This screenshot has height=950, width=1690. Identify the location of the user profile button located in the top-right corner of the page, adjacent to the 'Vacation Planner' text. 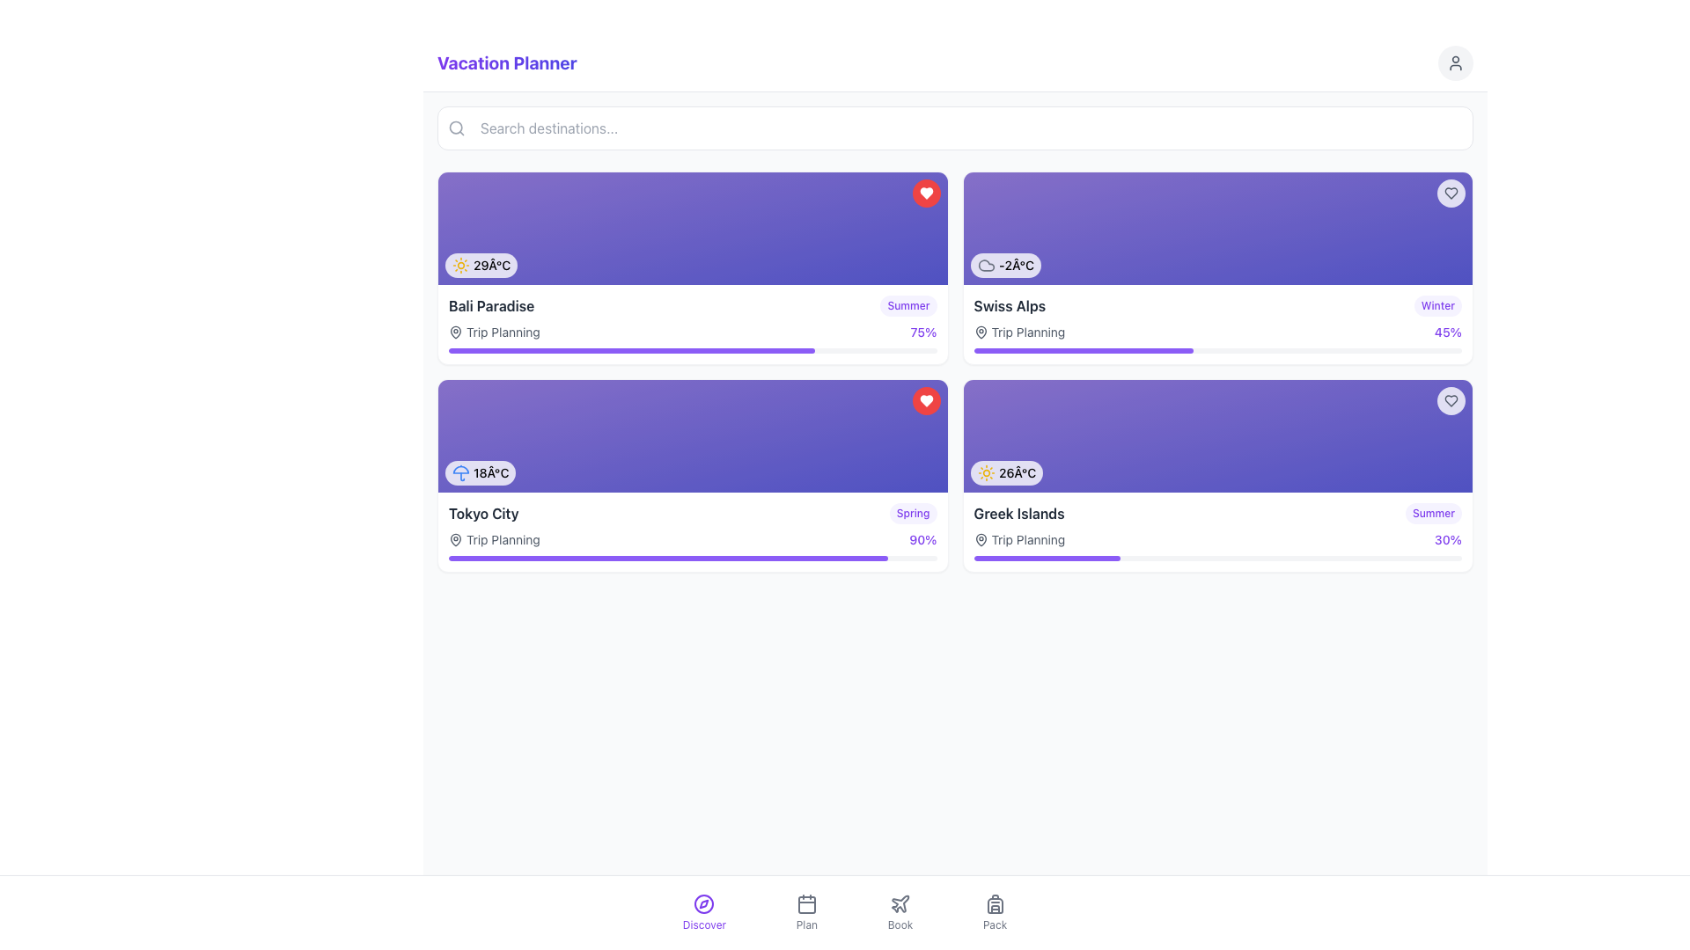
(1456, 62).